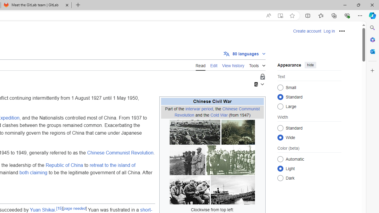 Image resolution: width=379 pixels, height=213 pixels. Describe the element at coordinates (280, 106) in the screenshot. I see `'Large'` at that location.